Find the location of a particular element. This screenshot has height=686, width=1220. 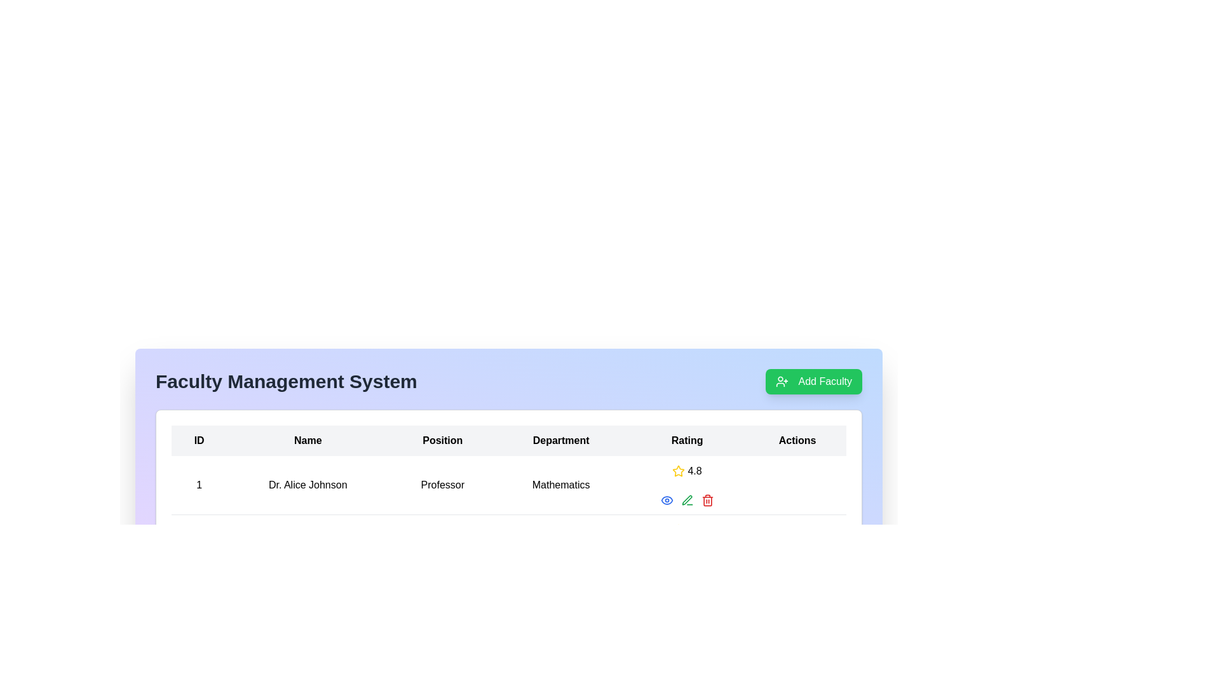

the Label header for the data table column that contains the text 'Position', which is bold and on a light gray background, located between the 'Name' and 'Department' headers is located at coordinates (442, 440).